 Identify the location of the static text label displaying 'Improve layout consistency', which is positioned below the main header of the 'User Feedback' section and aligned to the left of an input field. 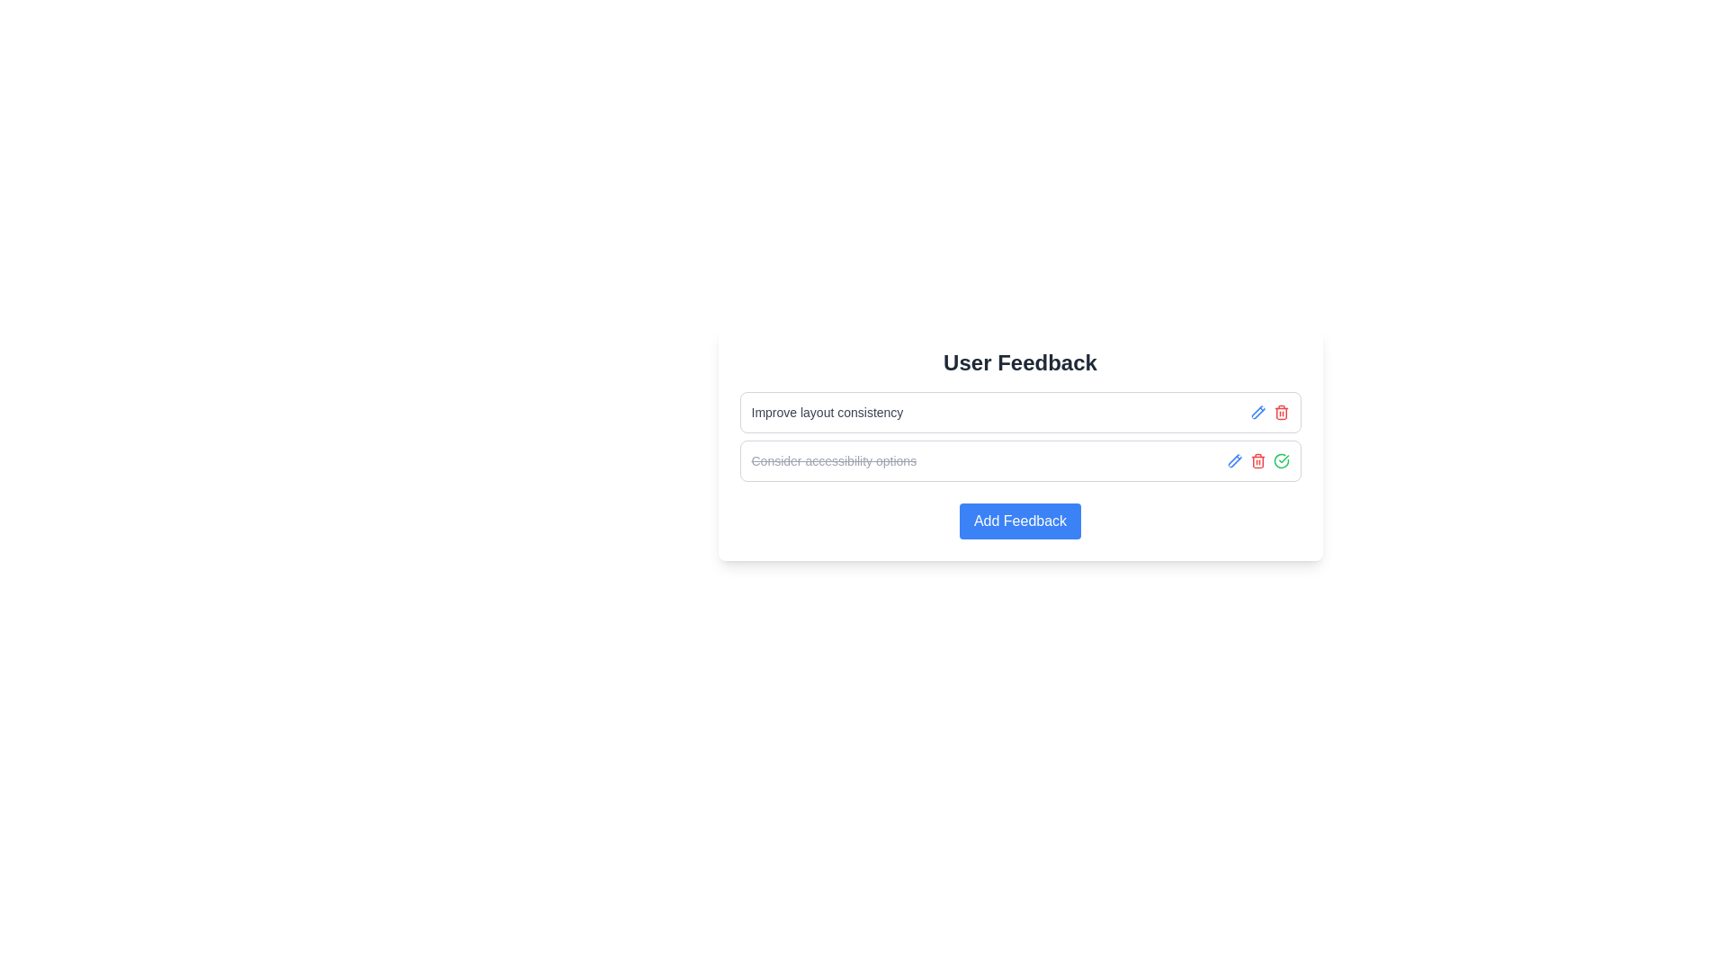
(826, 413).